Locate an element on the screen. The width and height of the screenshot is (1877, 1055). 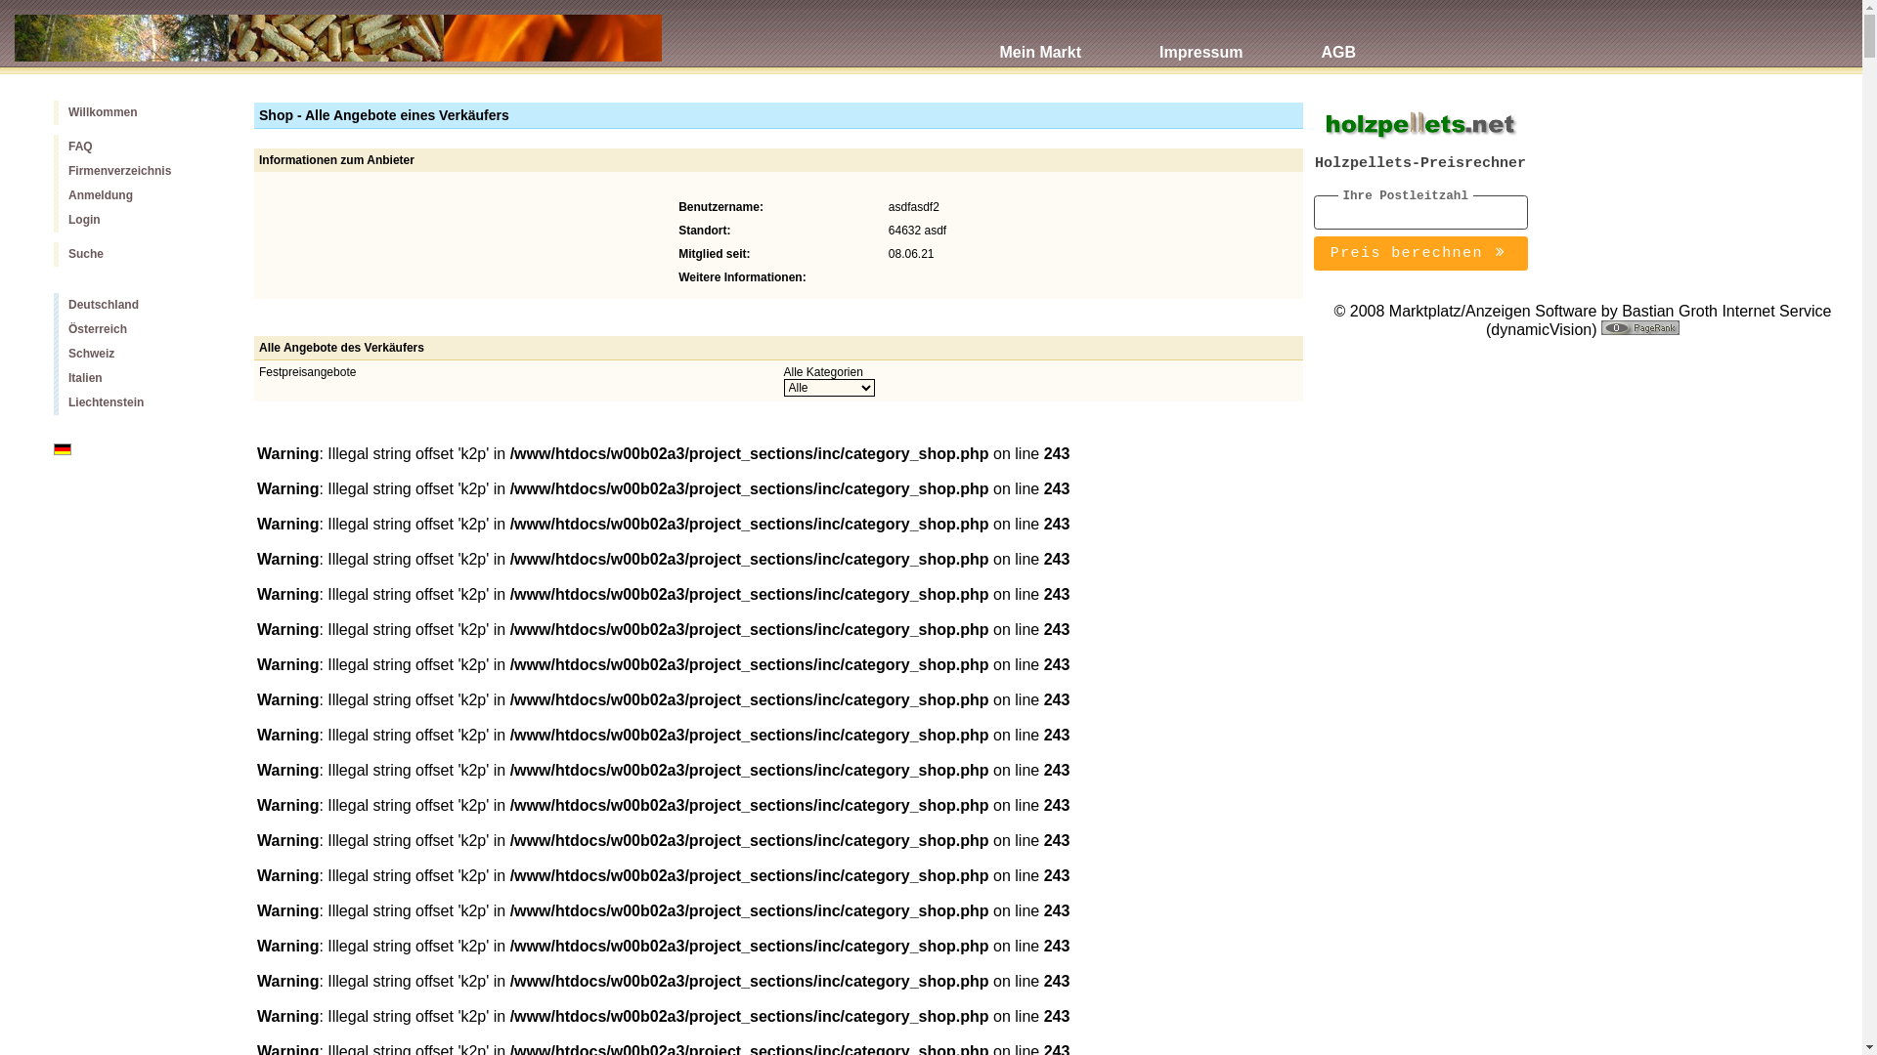
'Mein Markt' is located at coordinates (1039, 41).